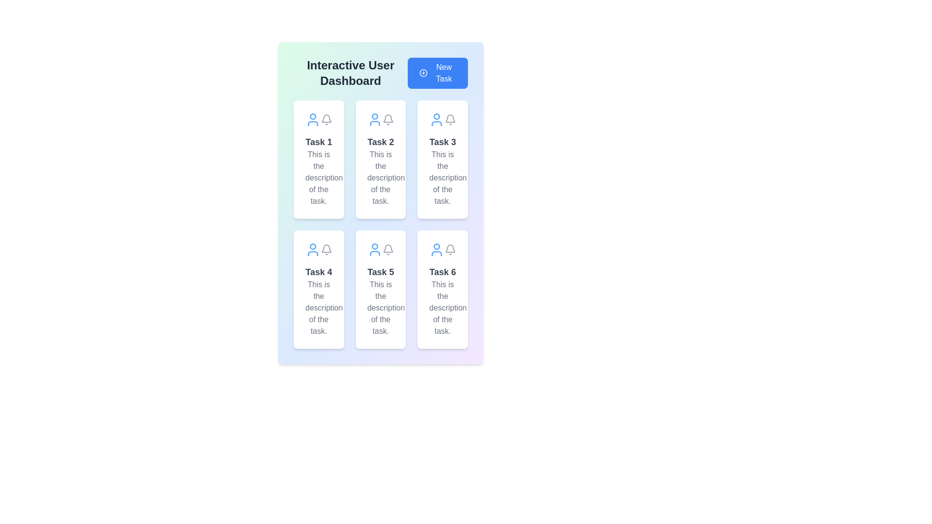 This screenshot has width=932, height=524. What do you see at coordinates (318, 159) in the screenshot?
I see `the first Informational card in the dashboard` at bounding box center [318, 159].